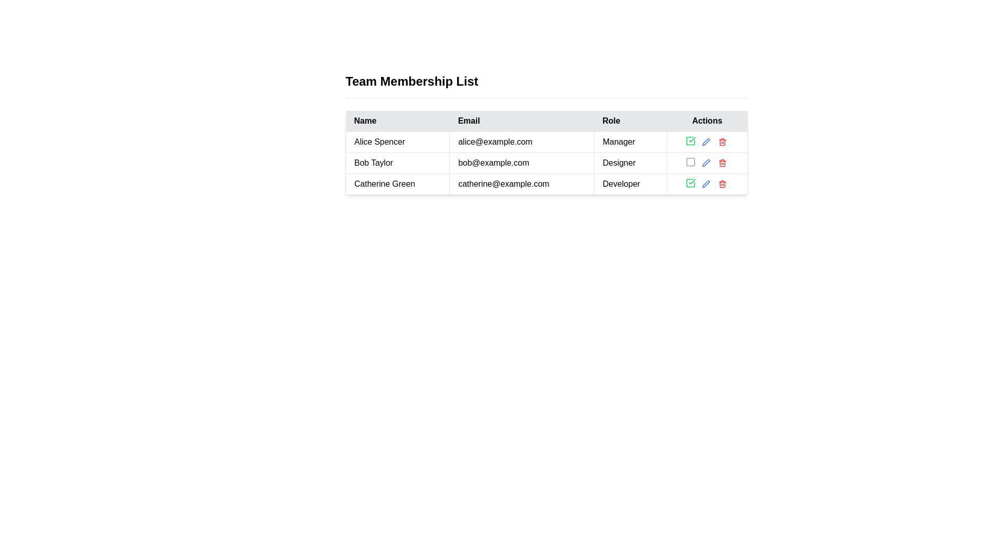 This screenshot has width=986, height=554. Describe the element at coordinates (722, 183) in the screenshot. I see `the red delete button in the 'Actions' column of the last row` at that location.